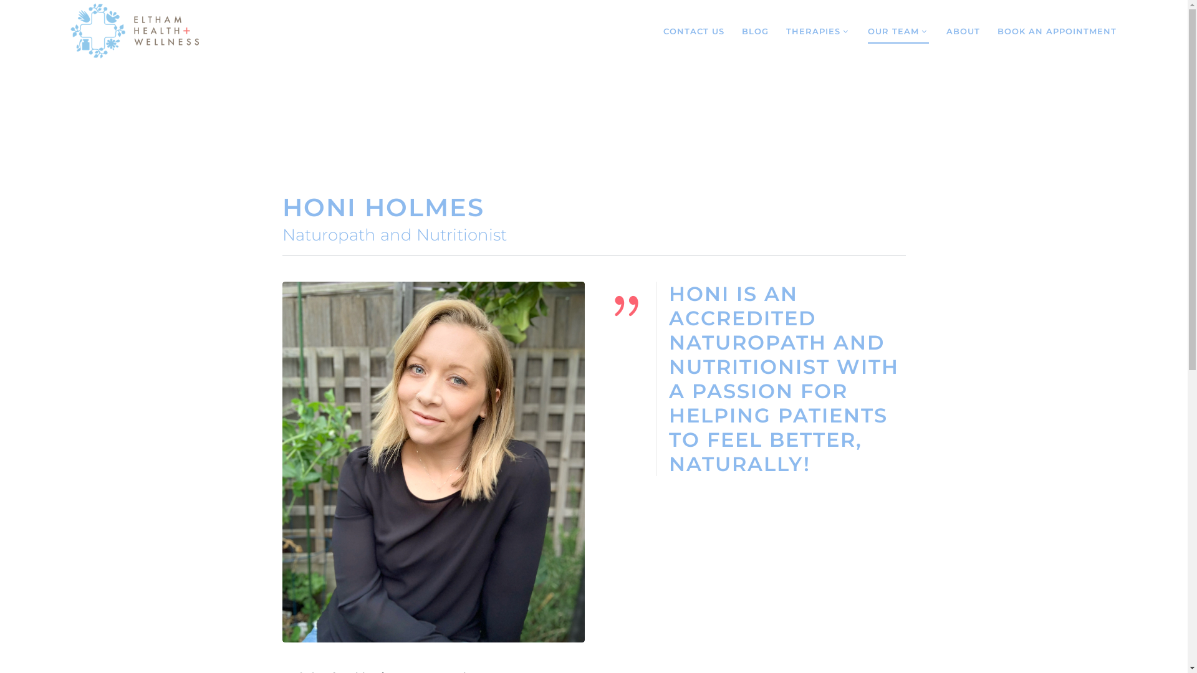 This screenshot has width=1197, height=673. Describe the element at coordinates (898, 31) in the screenshot. I see `'OUR TEAM'` at that location.